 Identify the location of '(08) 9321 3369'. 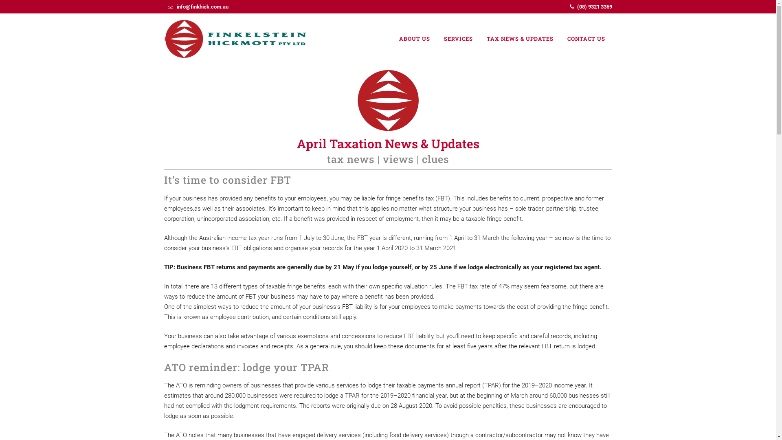
(594, 7).